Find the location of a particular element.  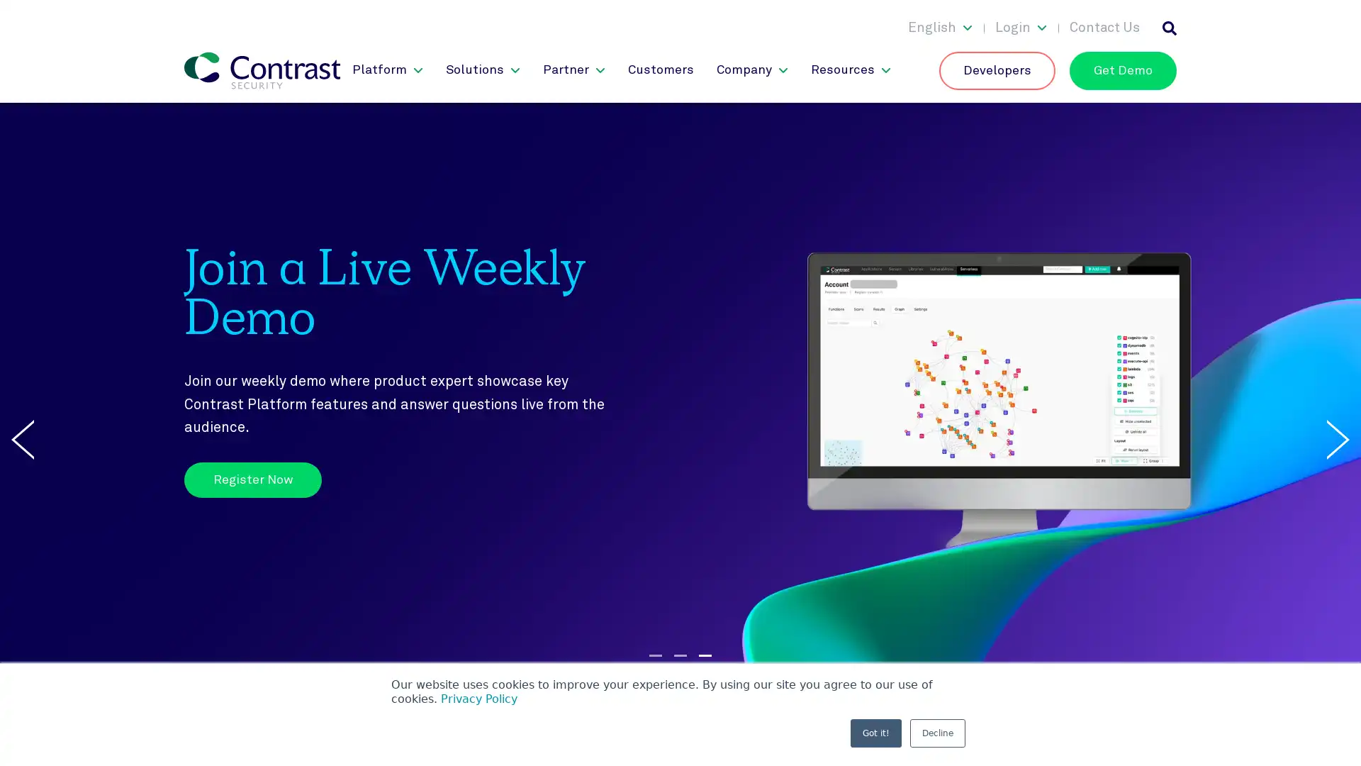

Next is located at coordinates (1337, 438).